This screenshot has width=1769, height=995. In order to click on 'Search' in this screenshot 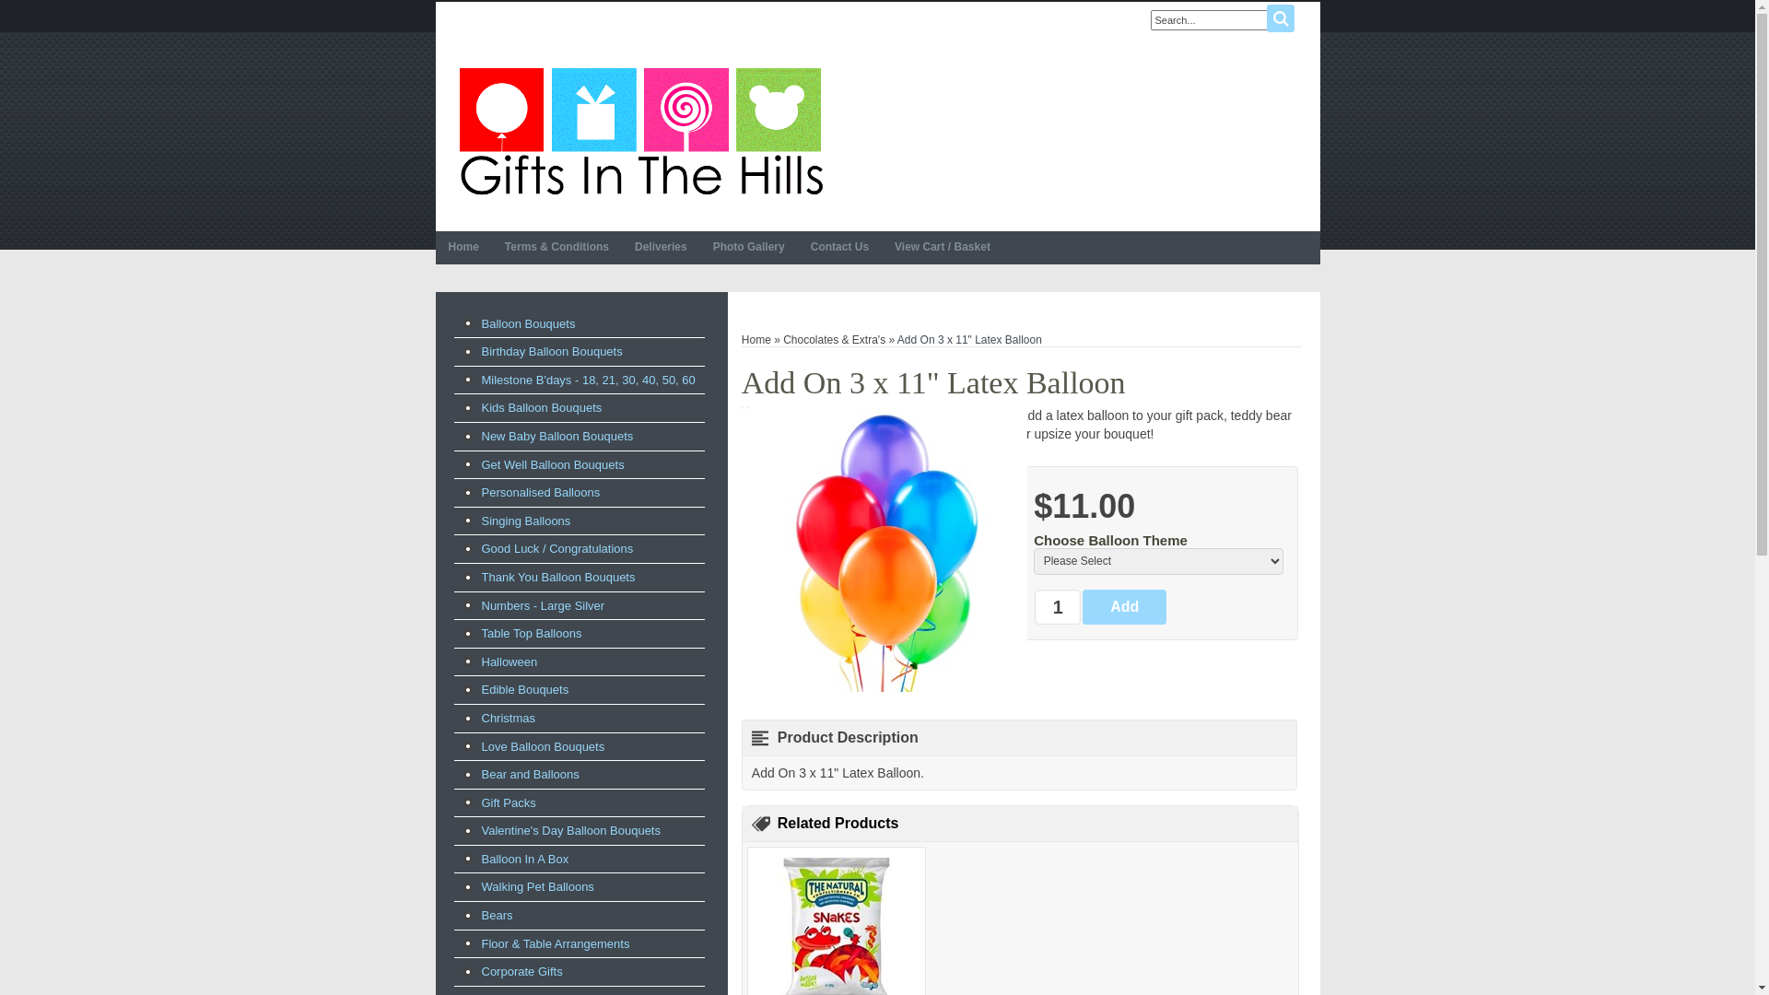, I will do `click(1278, 18)`.